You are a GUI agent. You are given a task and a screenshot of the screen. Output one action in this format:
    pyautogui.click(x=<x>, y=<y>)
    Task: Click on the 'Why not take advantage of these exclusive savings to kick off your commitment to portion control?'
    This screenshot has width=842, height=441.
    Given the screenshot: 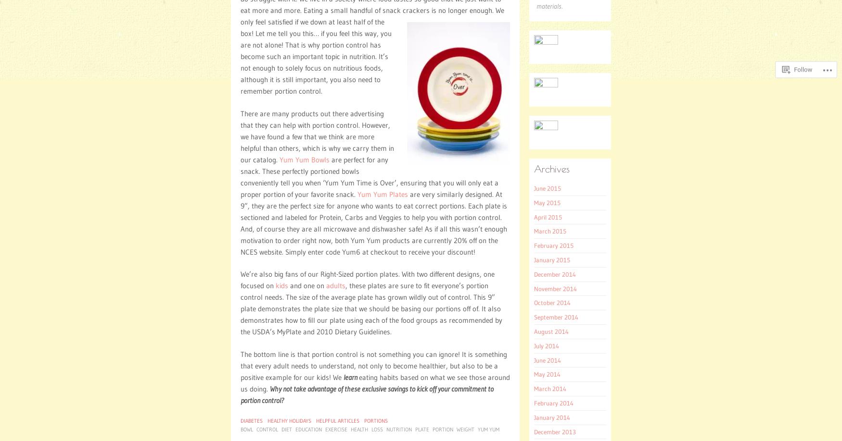 What is the action you would take?
    pyautogui.click(x=367, y=394)
    